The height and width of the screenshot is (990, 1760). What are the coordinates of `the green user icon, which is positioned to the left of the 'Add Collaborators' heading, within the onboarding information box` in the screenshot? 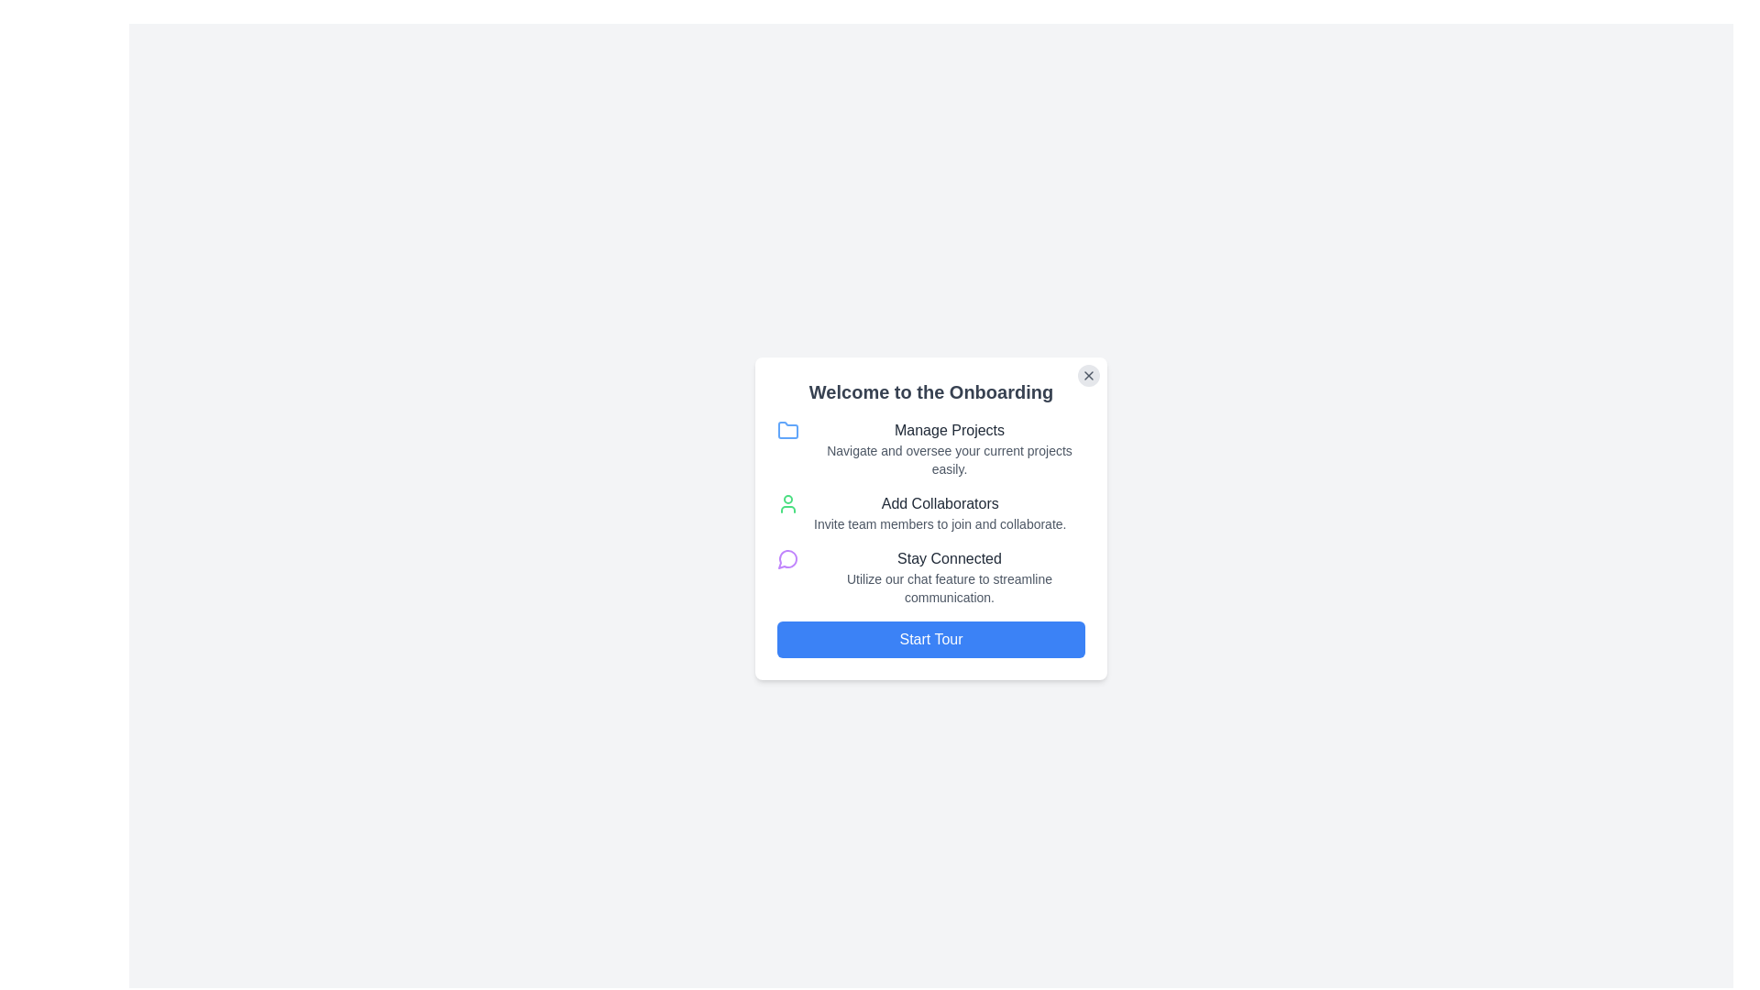 It's located at (787, 504).